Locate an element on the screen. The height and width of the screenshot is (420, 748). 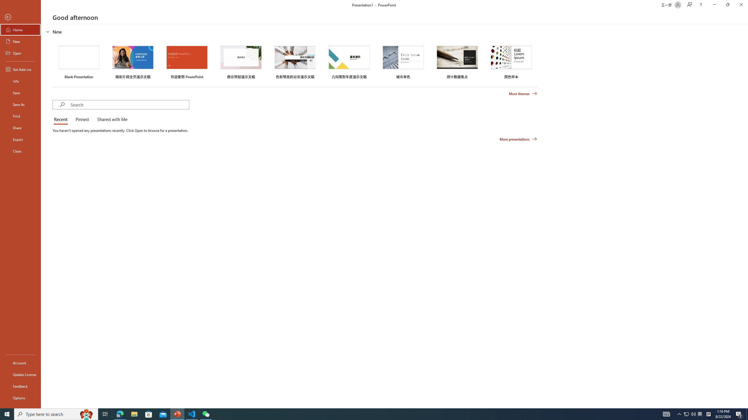
'Pinned' is located at coordinates (82, 120).